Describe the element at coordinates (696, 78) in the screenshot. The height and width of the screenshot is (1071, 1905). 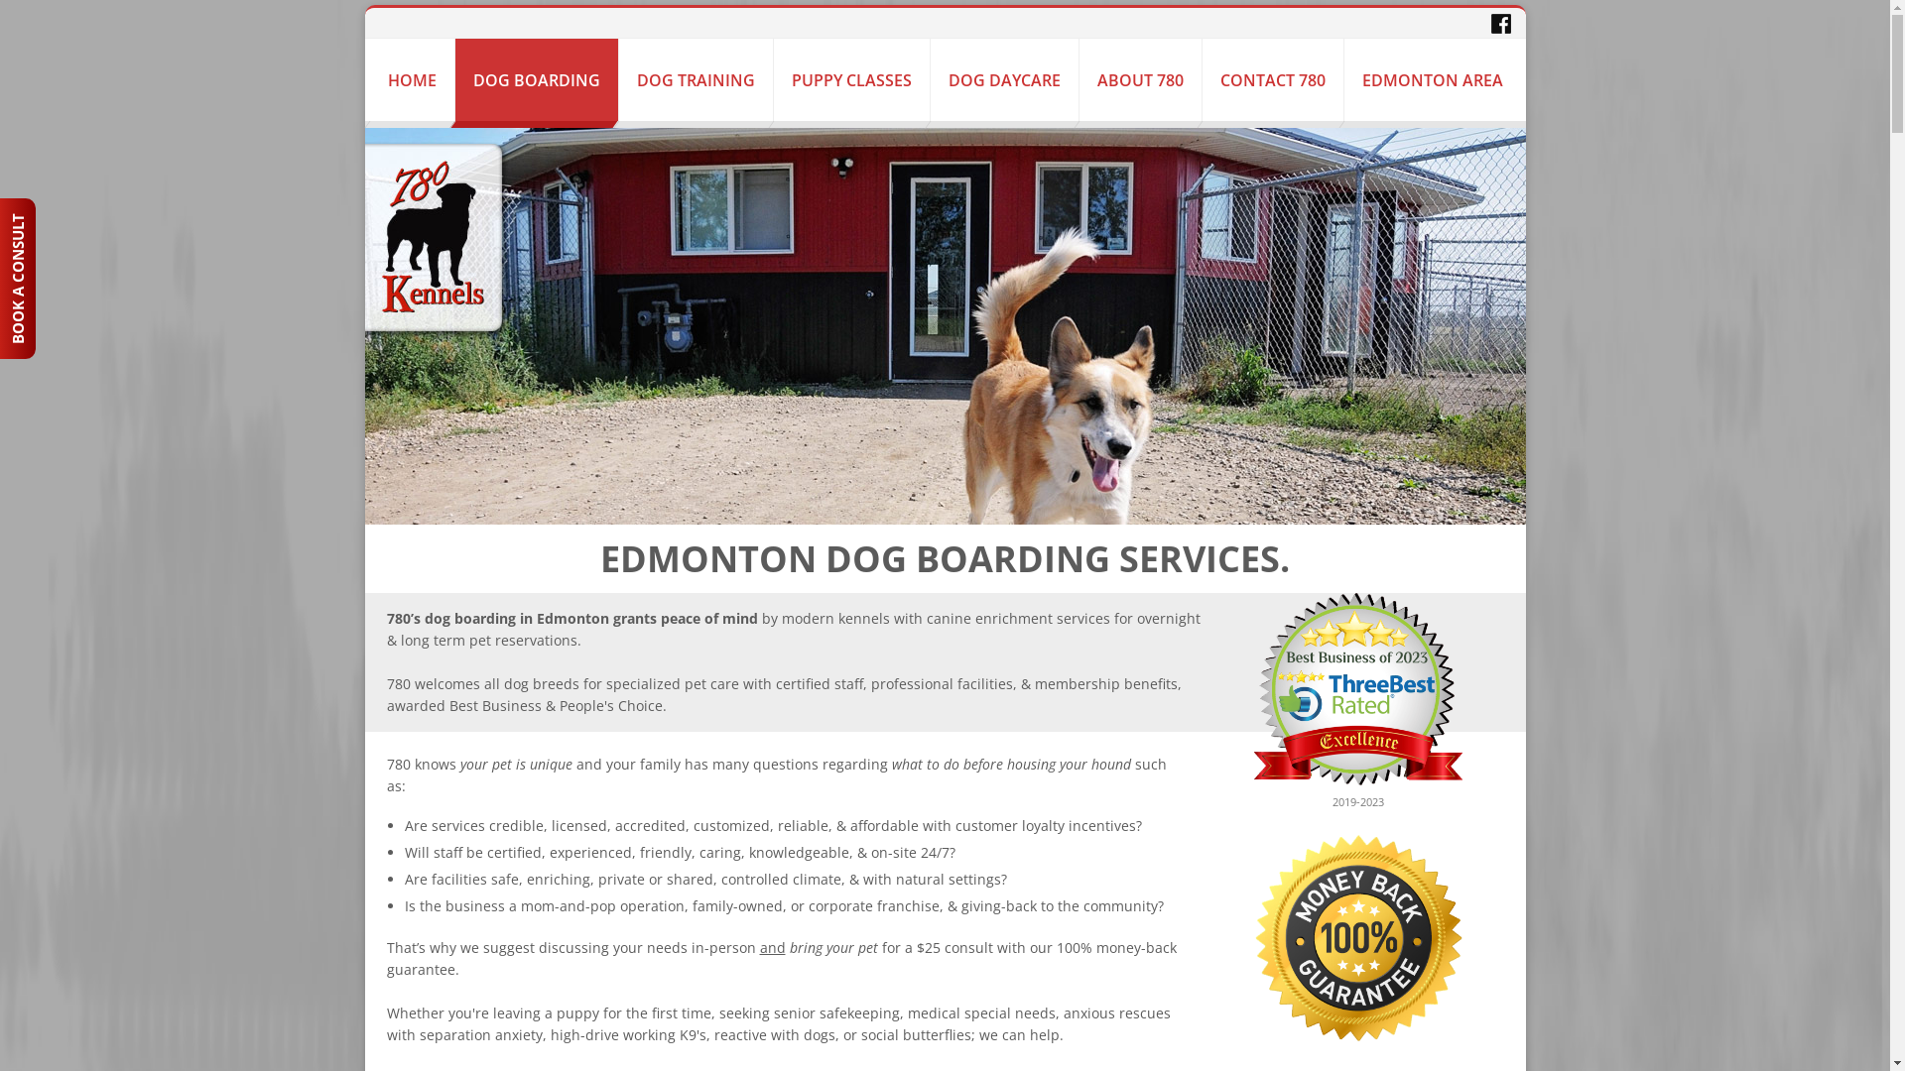
I see `'DOG TRAINING'` at that location.